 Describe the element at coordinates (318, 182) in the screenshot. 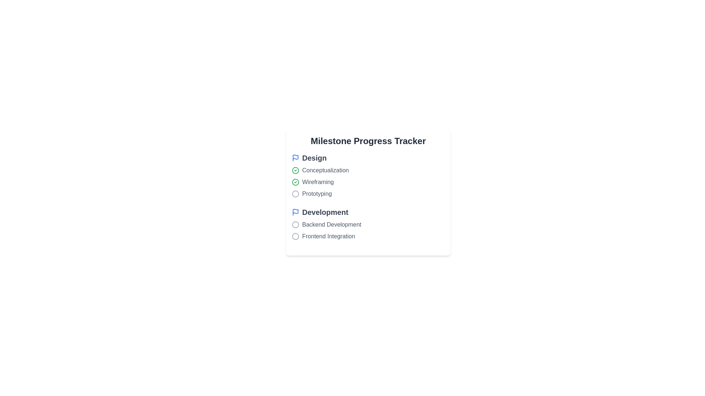

I see `the informational label displaying the milestone 'Wireframing', which is the second list item under the 'Design' category in the milestone tracker` at that location.